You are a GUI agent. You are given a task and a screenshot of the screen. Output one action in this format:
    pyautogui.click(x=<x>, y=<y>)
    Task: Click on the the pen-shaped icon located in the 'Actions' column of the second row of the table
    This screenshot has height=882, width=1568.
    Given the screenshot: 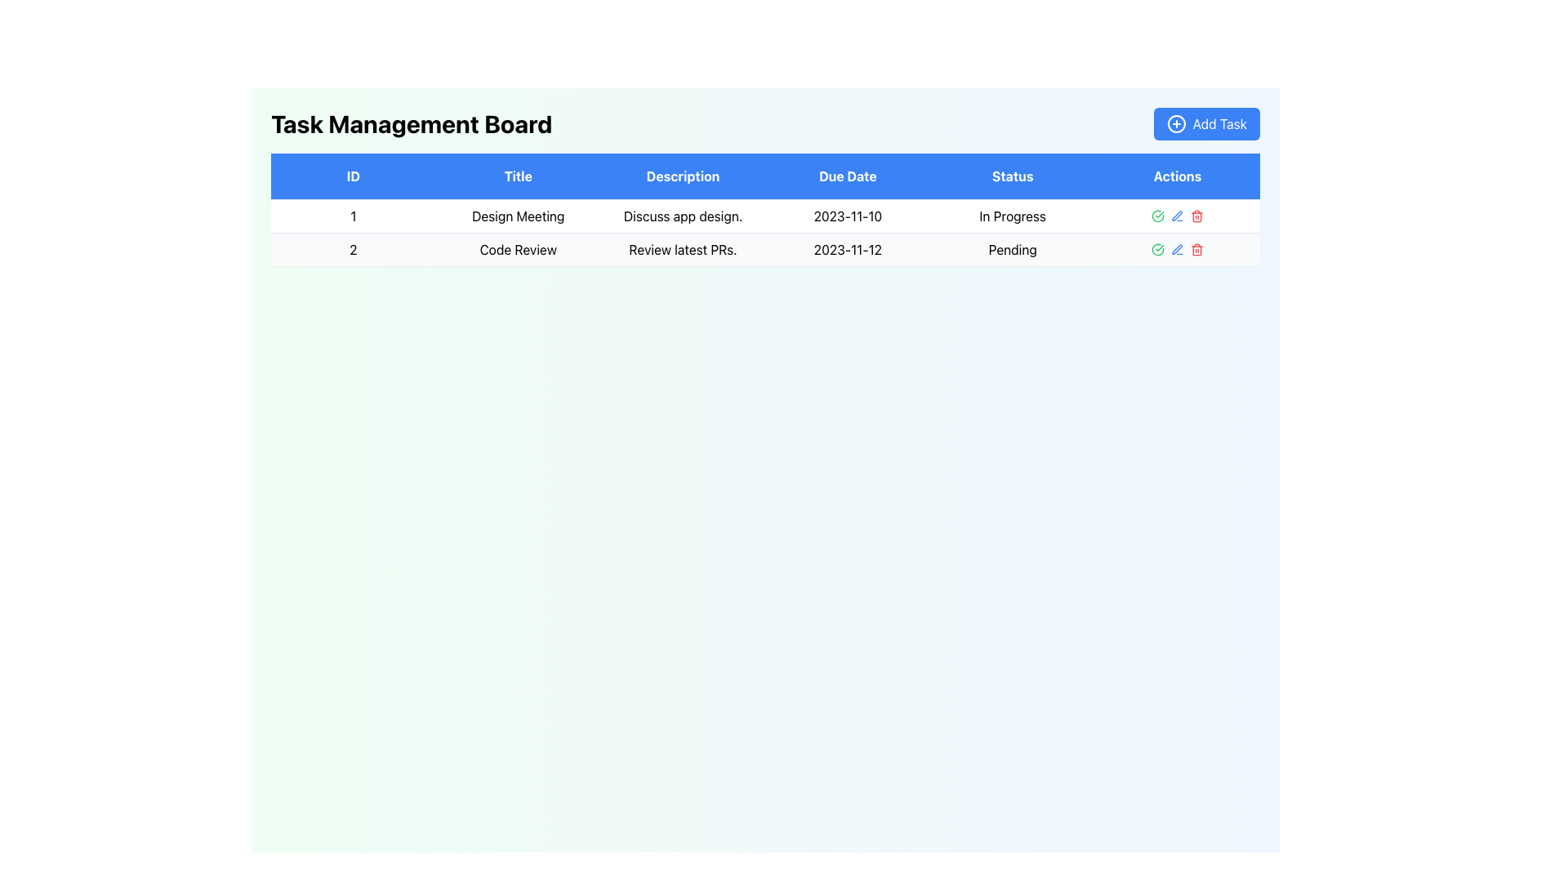 What is the action you would take?
    pyautogui.click(x=1177, y=249)
    